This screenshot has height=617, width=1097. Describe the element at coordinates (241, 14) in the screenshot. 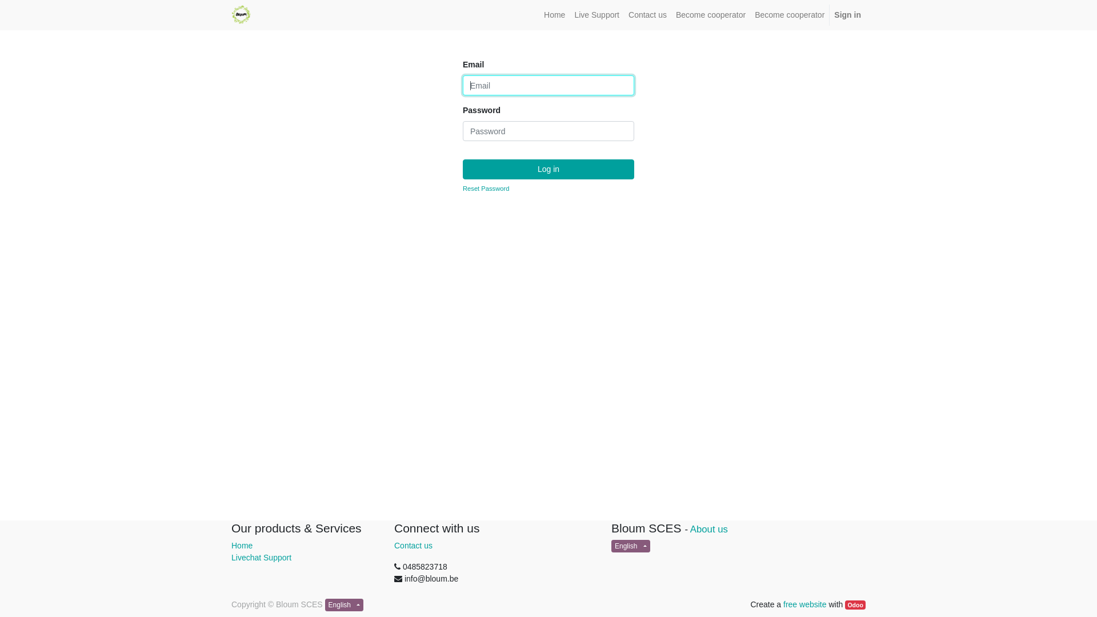

I see `'Bloum SCES'` at that location.